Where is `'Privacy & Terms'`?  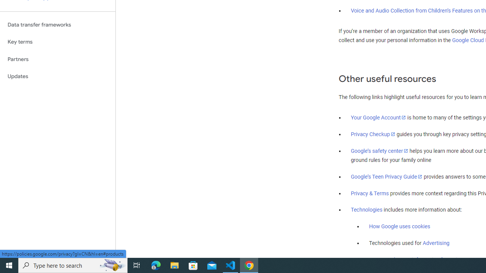
'Privacy & Terms' is located at coordinates (370, 193).